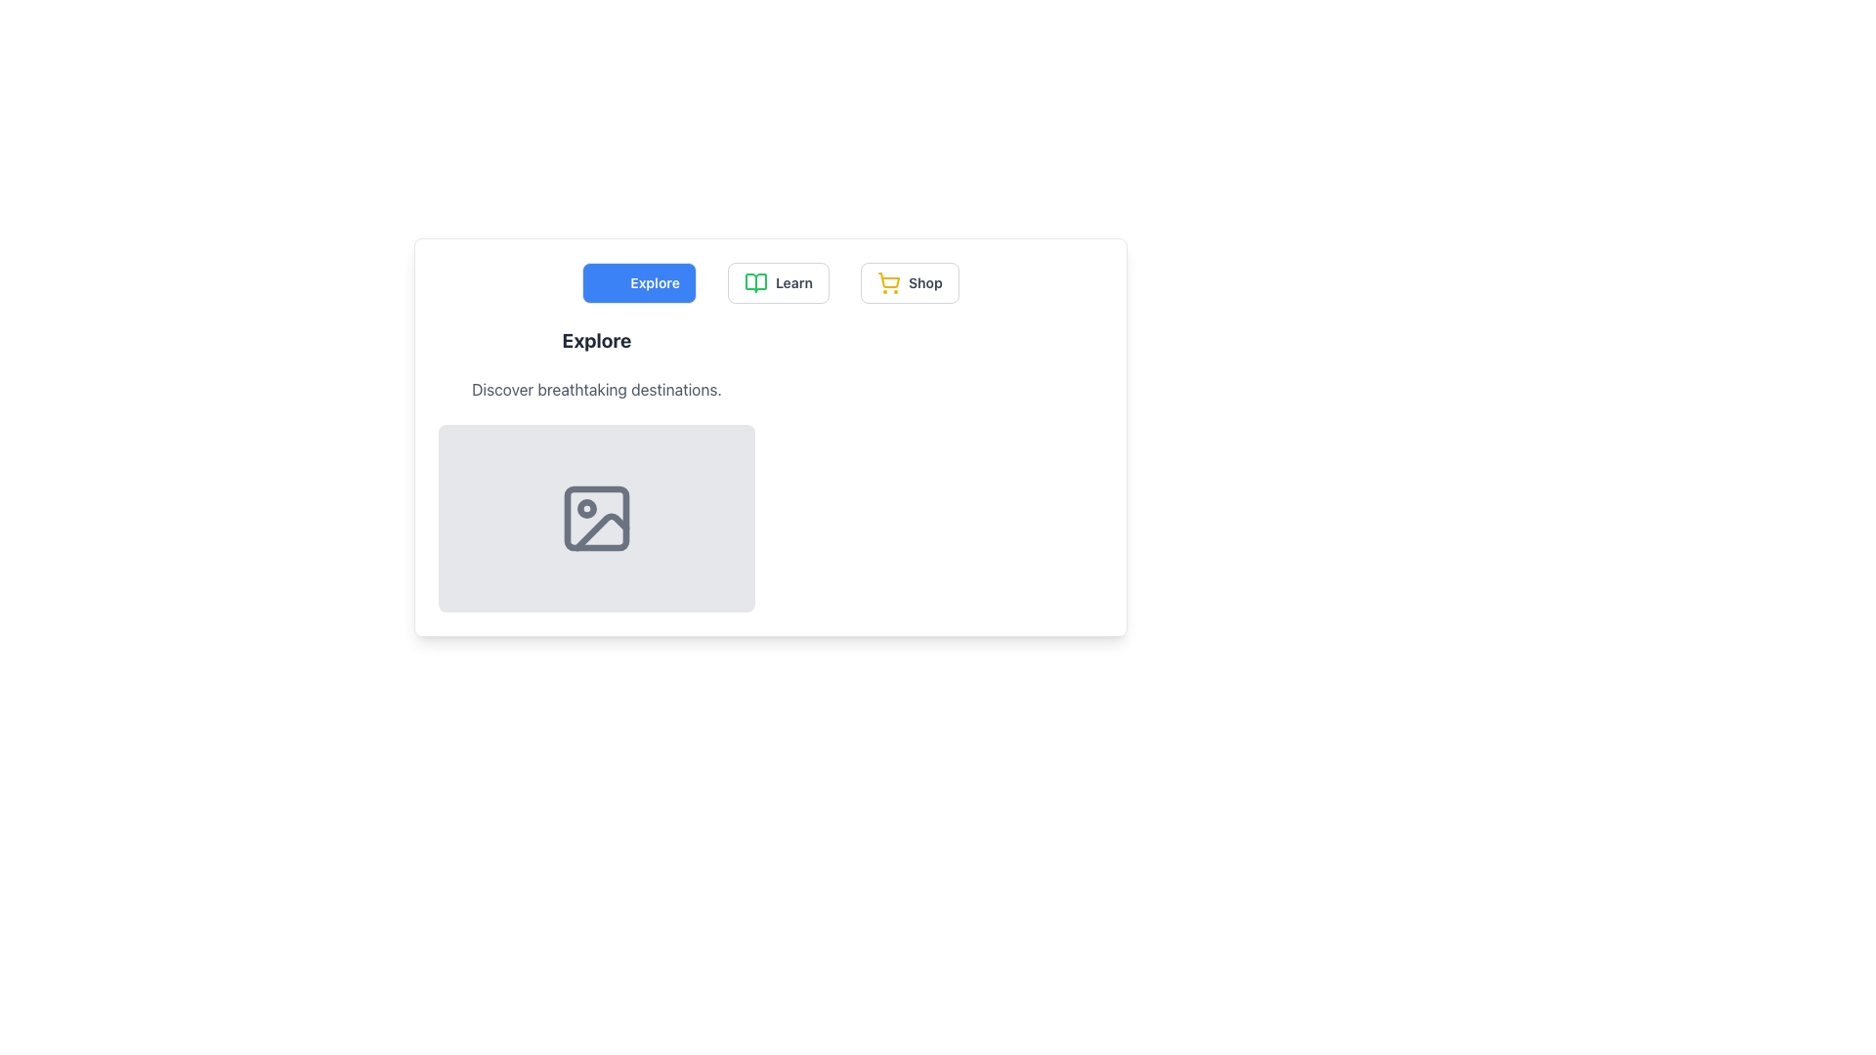  Describe the element at coordinates (585, 507) in the screenshot. I see `the Decorative Dot located in the upper-left section of the illustrative SVG graphic, which serves a visual role within the graphic` at that location.